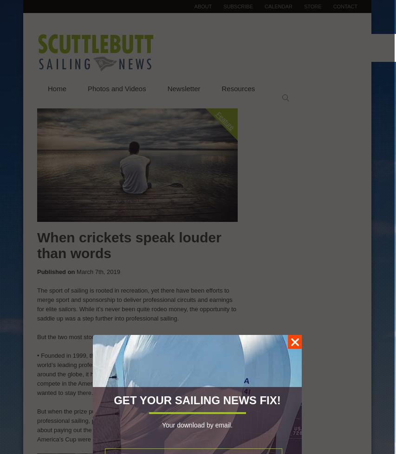 Image resolution: width=396 pixels, height=454 pixels. Describe the element at coordinates (135, 355) in the screenshot. I see `'World Match Racing Tour'` at that location.